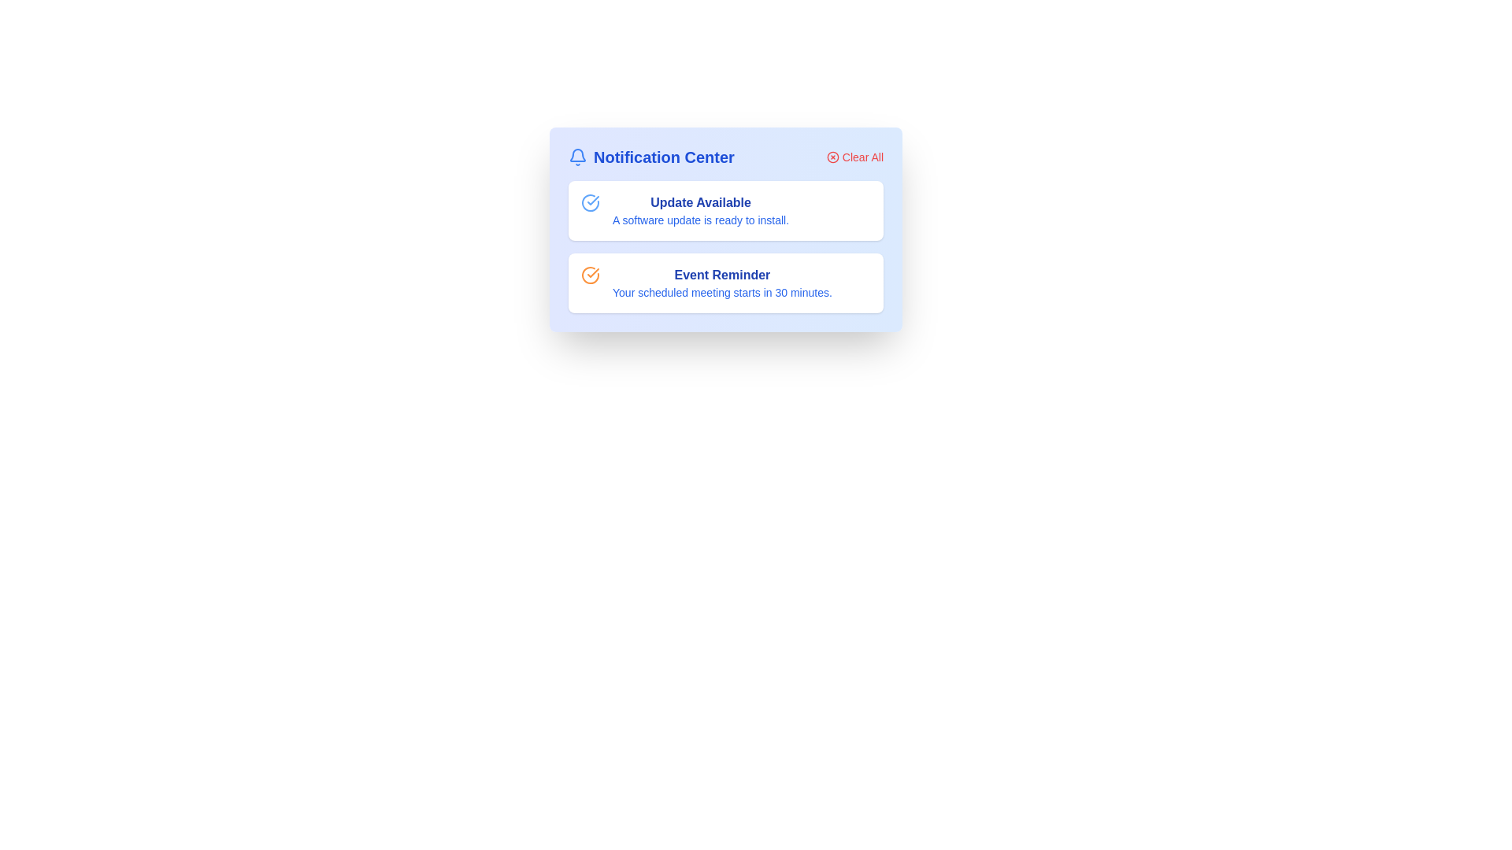  What do you see at coordinates (700, 220) in the screenshot?
I see `message in the text label that informs users about the availability of a software update, positioned below the header 'Update Available' and above 'Event Reminder'` at bounding box center [700, 220].